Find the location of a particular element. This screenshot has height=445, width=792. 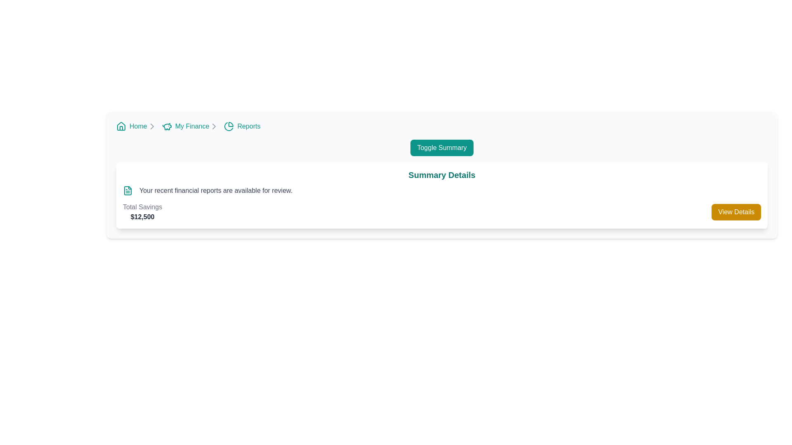

the 'My Finance' hyperlink with a piggy bank icon is located at coordinates (185, 126).